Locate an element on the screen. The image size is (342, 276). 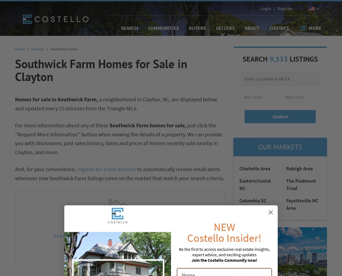
', or click below to get notified when matching listings become available.' is located at coordinates (85, 239).